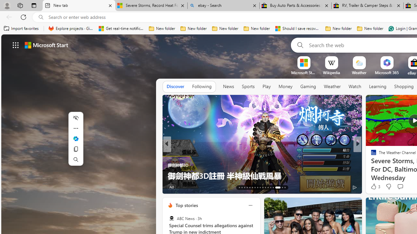 The width and height of the screenshot is (417, 234). Describe the element at coordinates (76, 149) in the screenshot. I see `'Copy'` at that location.